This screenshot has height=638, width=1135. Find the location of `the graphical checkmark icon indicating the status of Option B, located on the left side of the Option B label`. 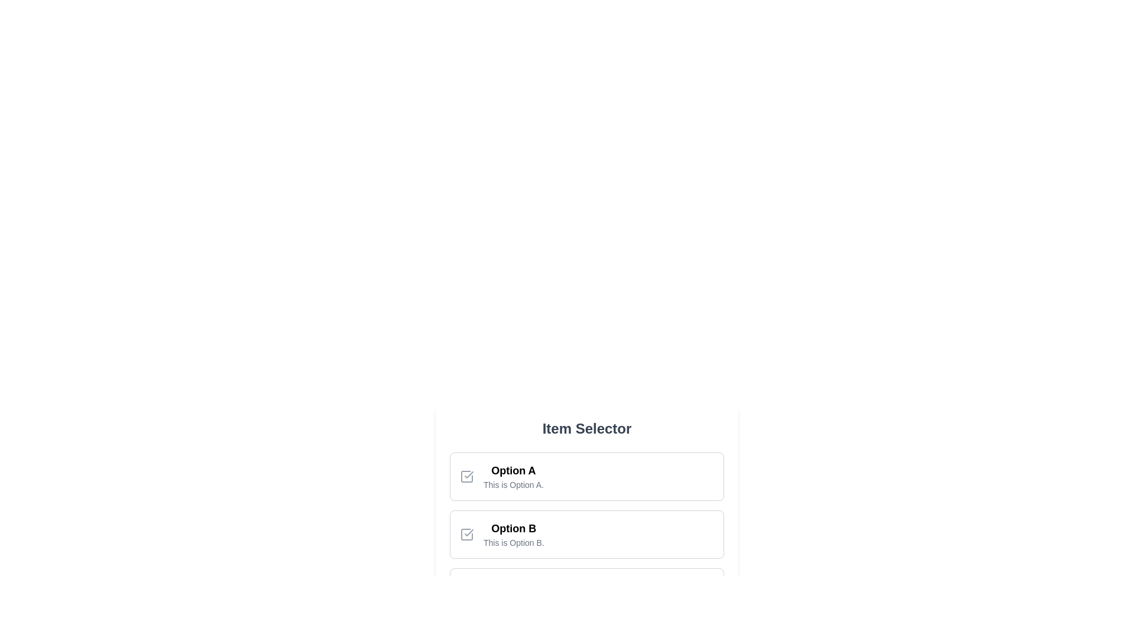

the graphical checkmark icon indicating the status of Option B, located on the left side of the Option B label is located at coordinates (468, 533).